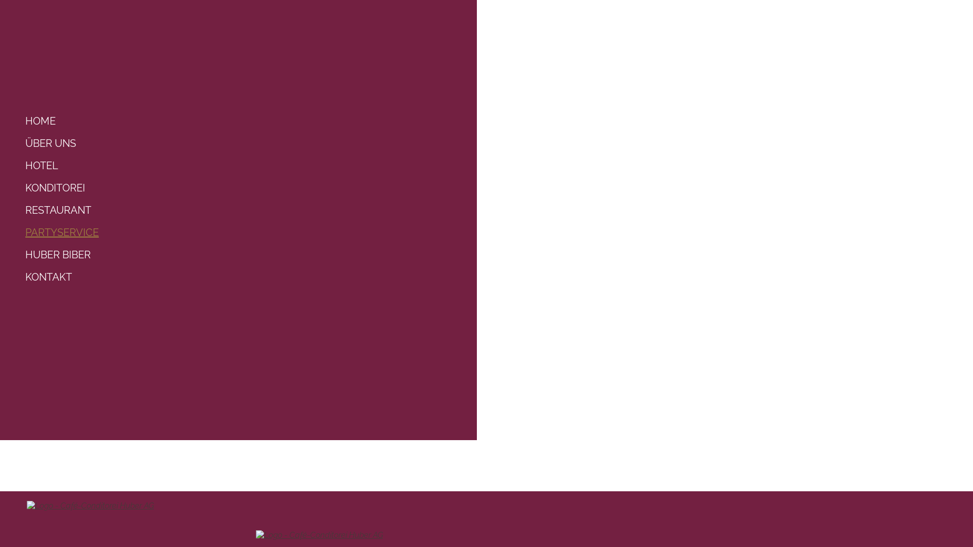 The image size is (973, 547). I want to click on 'KONTAKT', so click(20, 277).